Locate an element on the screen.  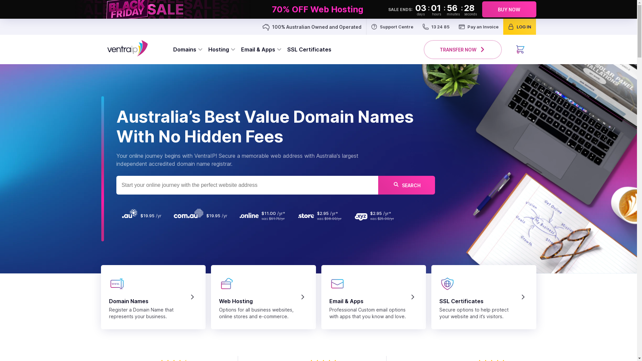
'$19 is located at coordinates (116, 216).